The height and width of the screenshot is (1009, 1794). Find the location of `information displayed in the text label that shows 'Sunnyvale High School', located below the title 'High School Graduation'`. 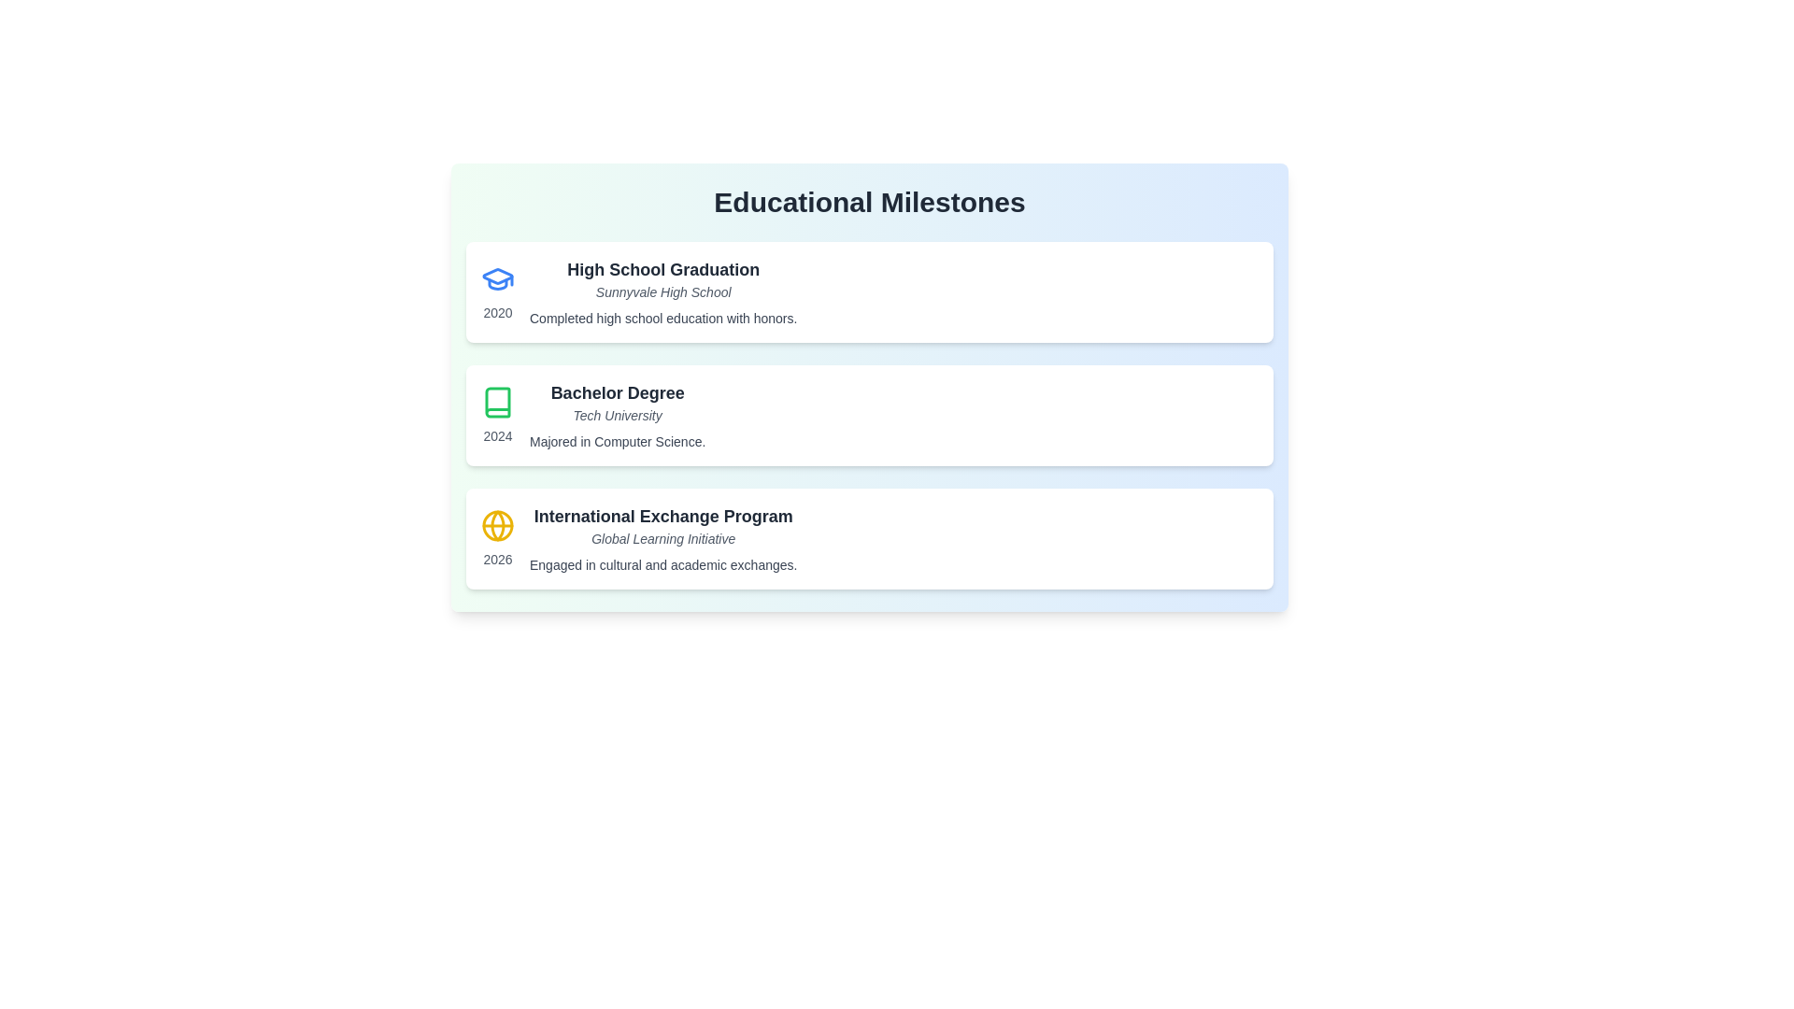

information displayed in the text label that shows 'Sunnyvale High School', located below the title 'High School Graduation' is located at coordinates (663, 291).